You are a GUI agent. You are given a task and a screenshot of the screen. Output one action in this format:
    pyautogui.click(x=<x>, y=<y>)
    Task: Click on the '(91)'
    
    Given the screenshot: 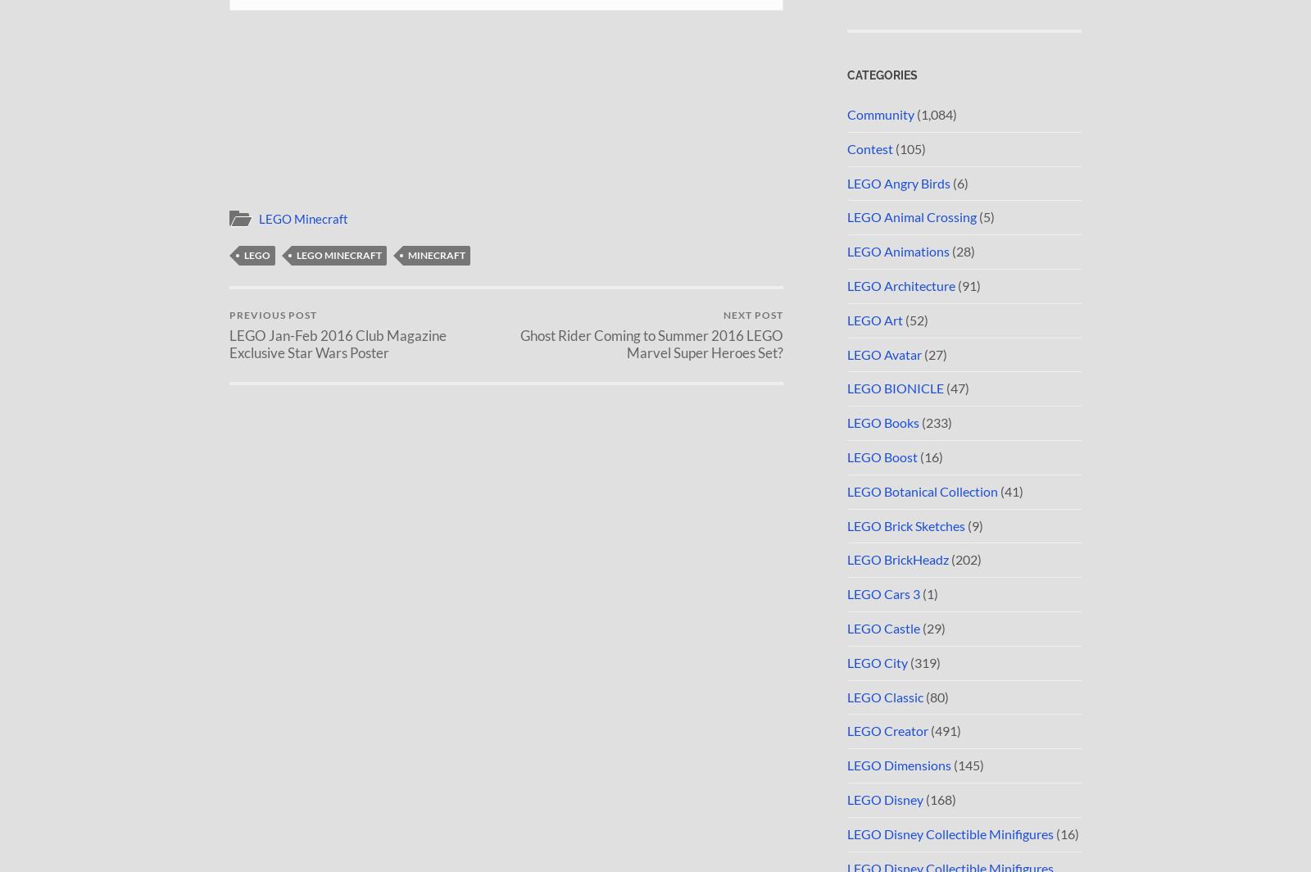 What is the action you would take?
    pyautogui.click(x=968, y=284)
    